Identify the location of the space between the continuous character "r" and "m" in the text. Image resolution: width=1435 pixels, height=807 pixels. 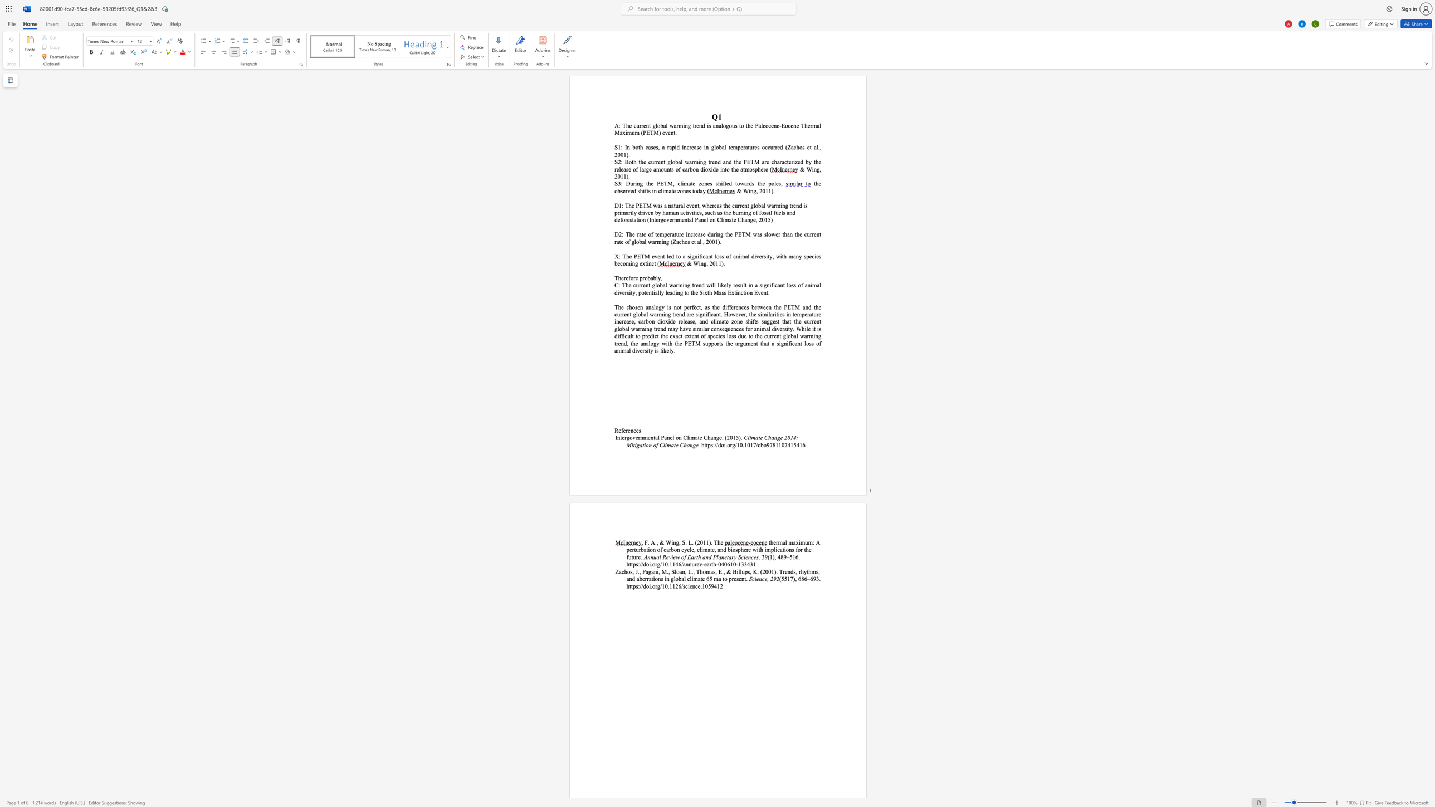
(679, 285).